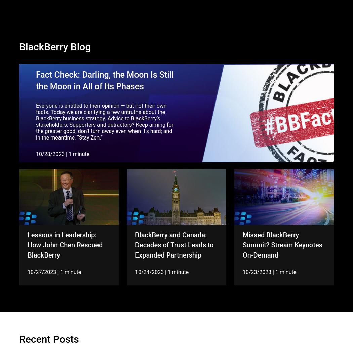  I want to click on '367', so click(156, 325).